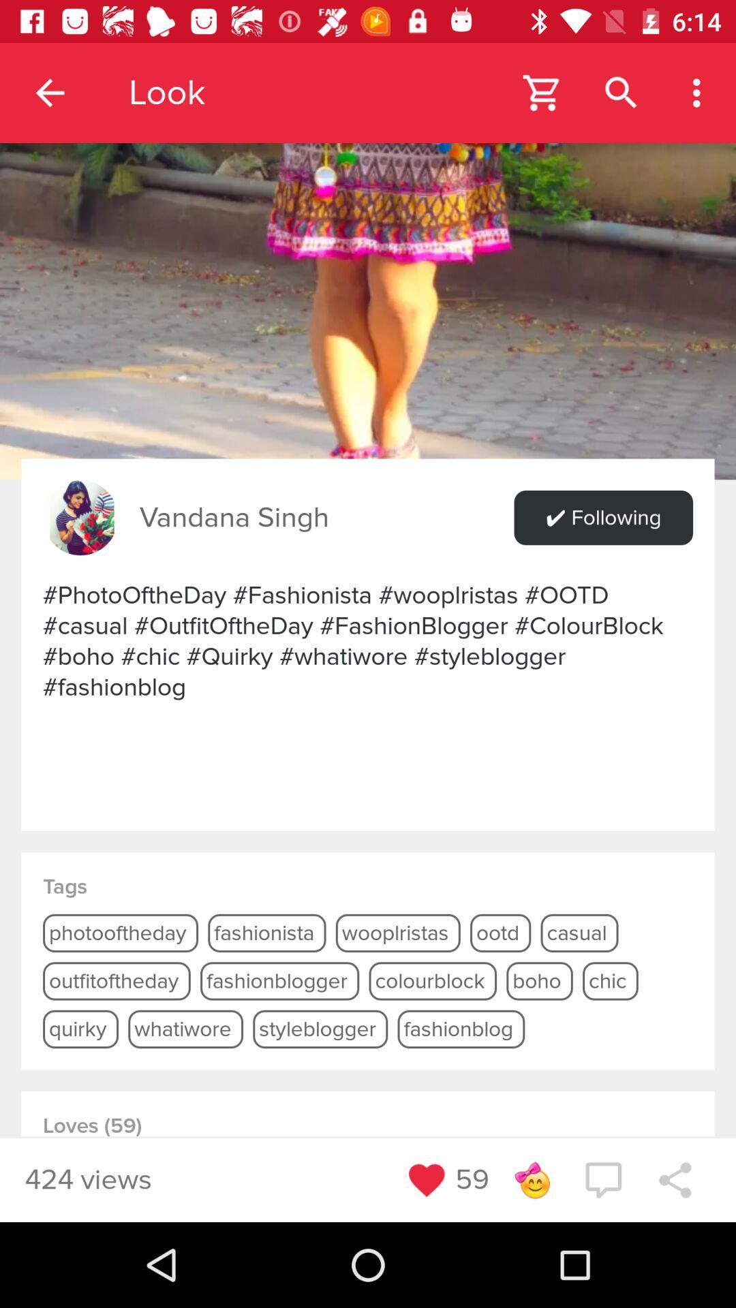 Image resolution: width=736 pixels, height=1308 pixels. I want to click on share image, so click(368, 240).